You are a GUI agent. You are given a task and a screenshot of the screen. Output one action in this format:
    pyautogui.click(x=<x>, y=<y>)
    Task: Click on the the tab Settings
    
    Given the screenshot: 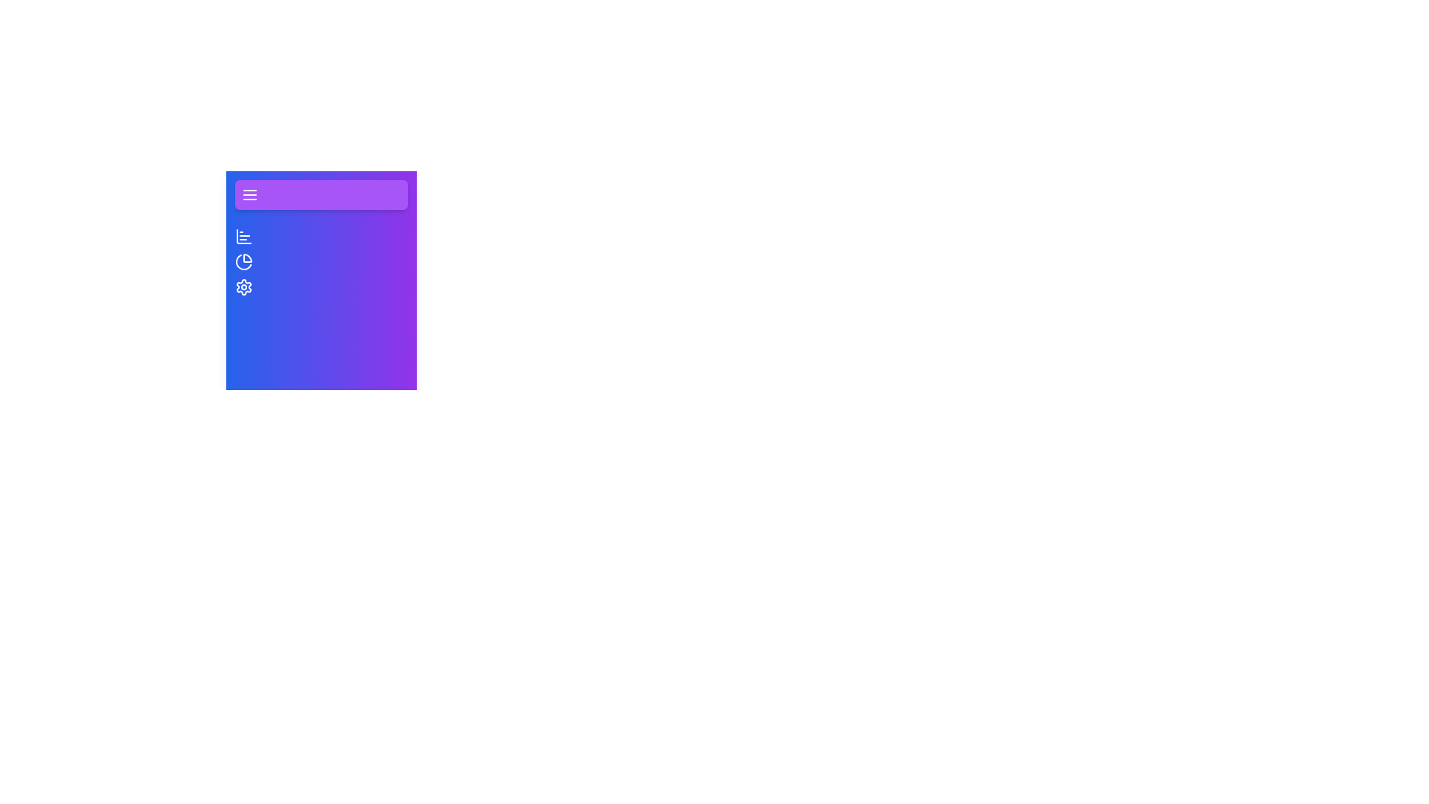 What is the action you would take?
    pyautogui.click(x=243, y=287)
    